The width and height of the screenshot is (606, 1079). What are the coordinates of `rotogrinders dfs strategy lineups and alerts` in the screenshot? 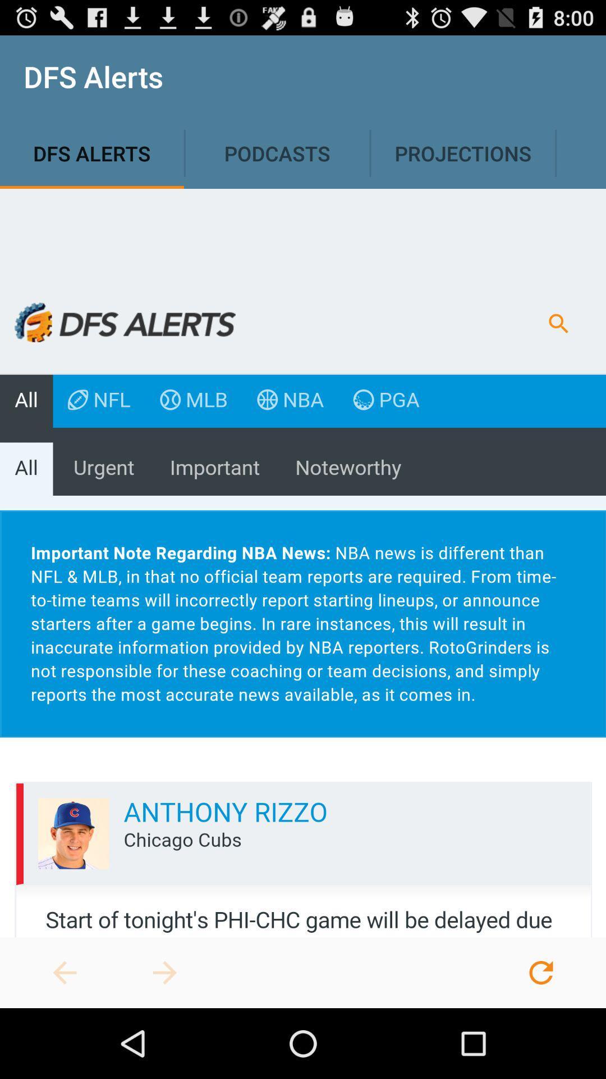 It's located at (164, 972).